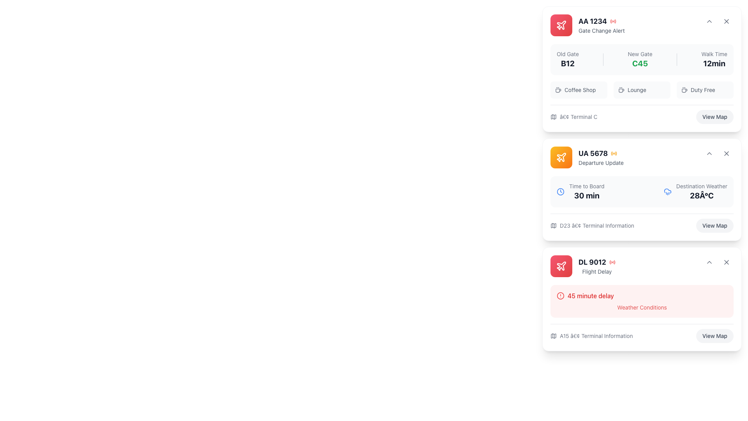  What do you see at coordinates (702, 195) in the screenshot?
I see `the temperature display text label located in the upper-right portion of the second card, adjacent to the 'Destination Weather' text` at bounding box center [702, 195].